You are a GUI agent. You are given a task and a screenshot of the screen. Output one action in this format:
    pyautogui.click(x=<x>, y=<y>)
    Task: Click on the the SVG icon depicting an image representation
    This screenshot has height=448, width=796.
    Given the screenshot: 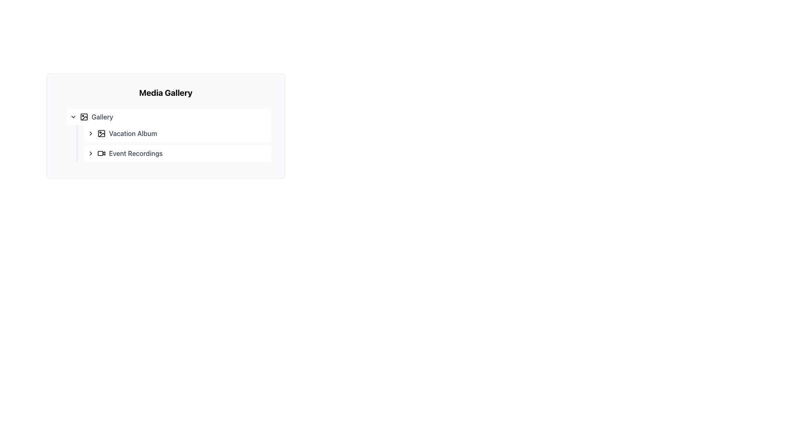 What is the action you would take?
    pyautogui.click(x=84, y=117)
    